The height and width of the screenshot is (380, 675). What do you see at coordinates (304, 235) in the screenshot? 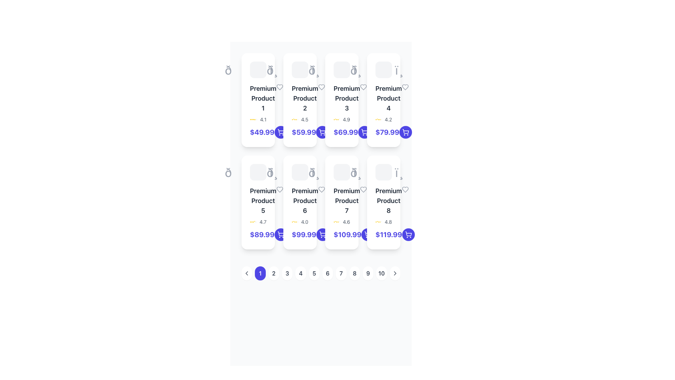
I see `the price display text label located in the second row, second column of the product display card, which is centrally positioned above the shopping cart button` at bounding box center [304, 235].